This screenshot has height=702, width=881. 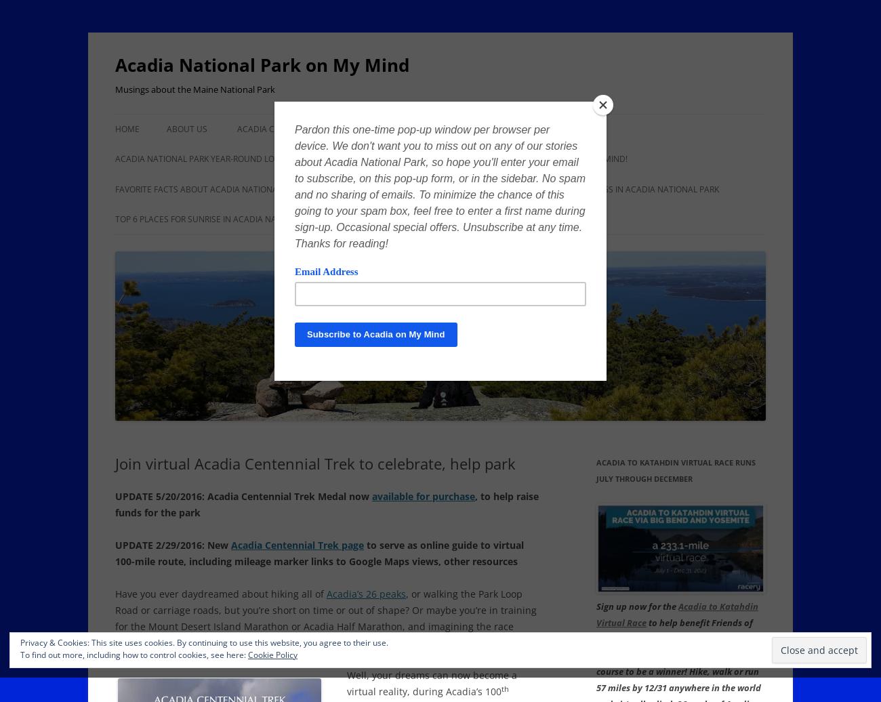 I want to click on 'Ask Acadia on My Mind!', so click(x=577, y=159).